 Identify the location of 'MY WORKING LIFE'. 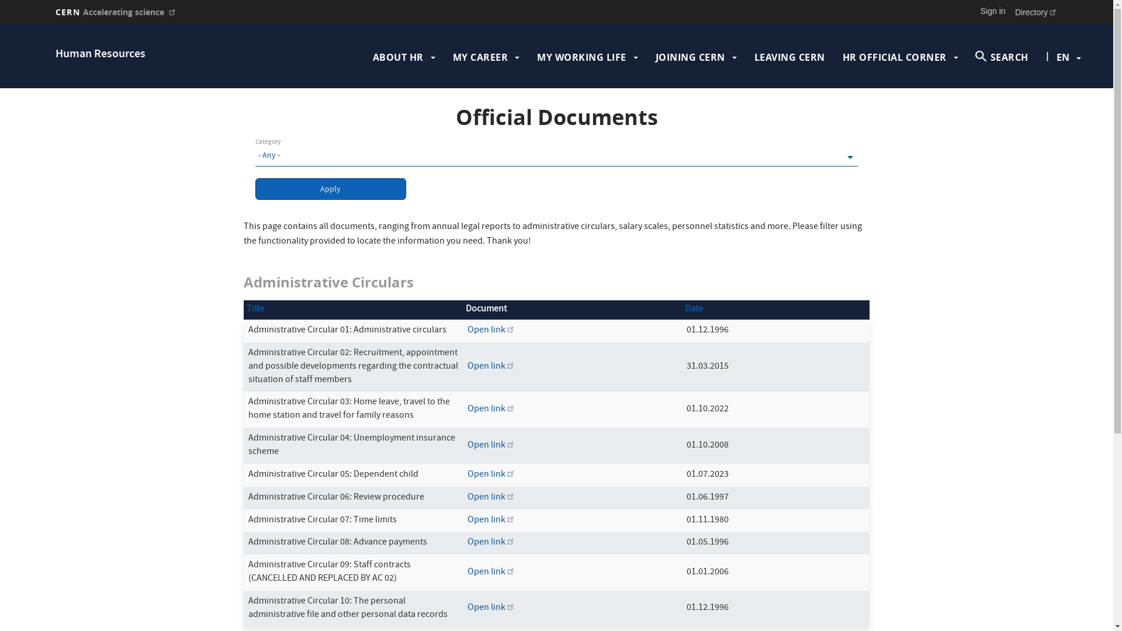
(581, 57).